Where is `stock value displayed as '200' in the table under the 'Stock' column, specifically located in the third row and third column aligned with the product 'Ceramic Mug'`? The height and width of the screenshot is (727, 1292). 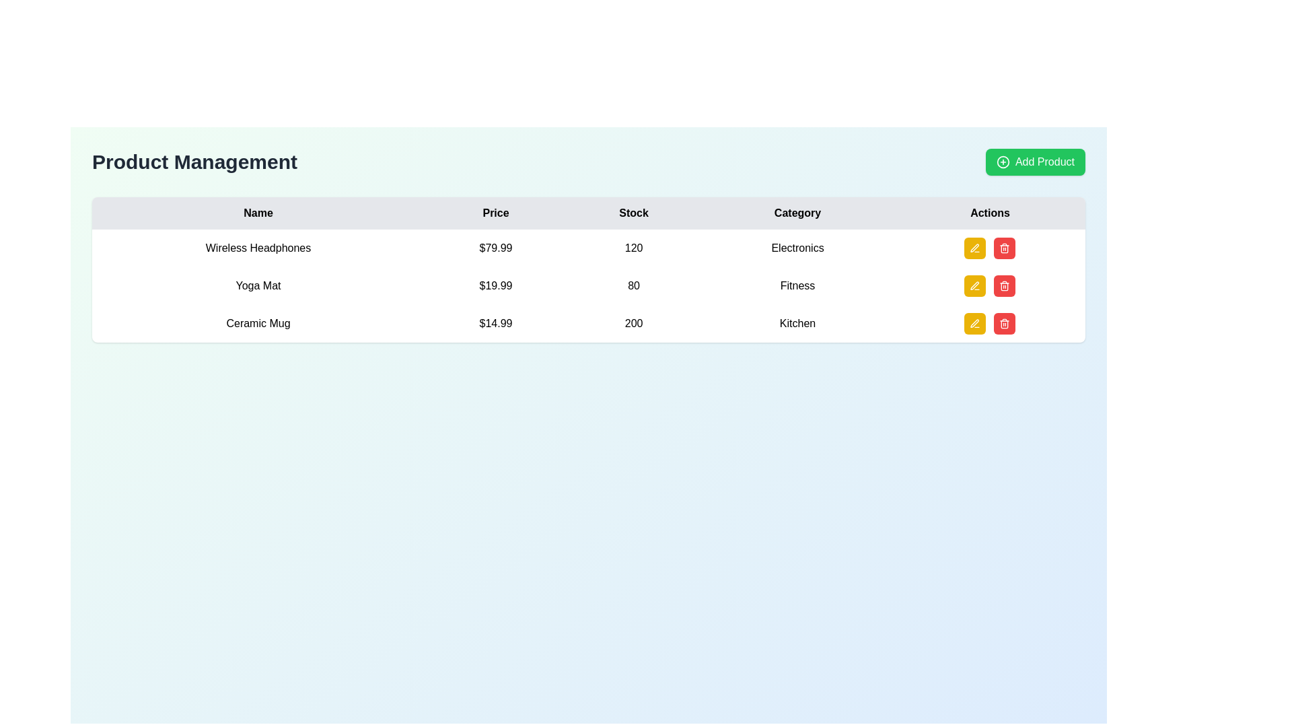 stock value displayed as '200' in the table under the 'Stock' column, specifically located in the third row and third column aligned with the product 'Ceramic Mug' is located at coordinates (633, 324).